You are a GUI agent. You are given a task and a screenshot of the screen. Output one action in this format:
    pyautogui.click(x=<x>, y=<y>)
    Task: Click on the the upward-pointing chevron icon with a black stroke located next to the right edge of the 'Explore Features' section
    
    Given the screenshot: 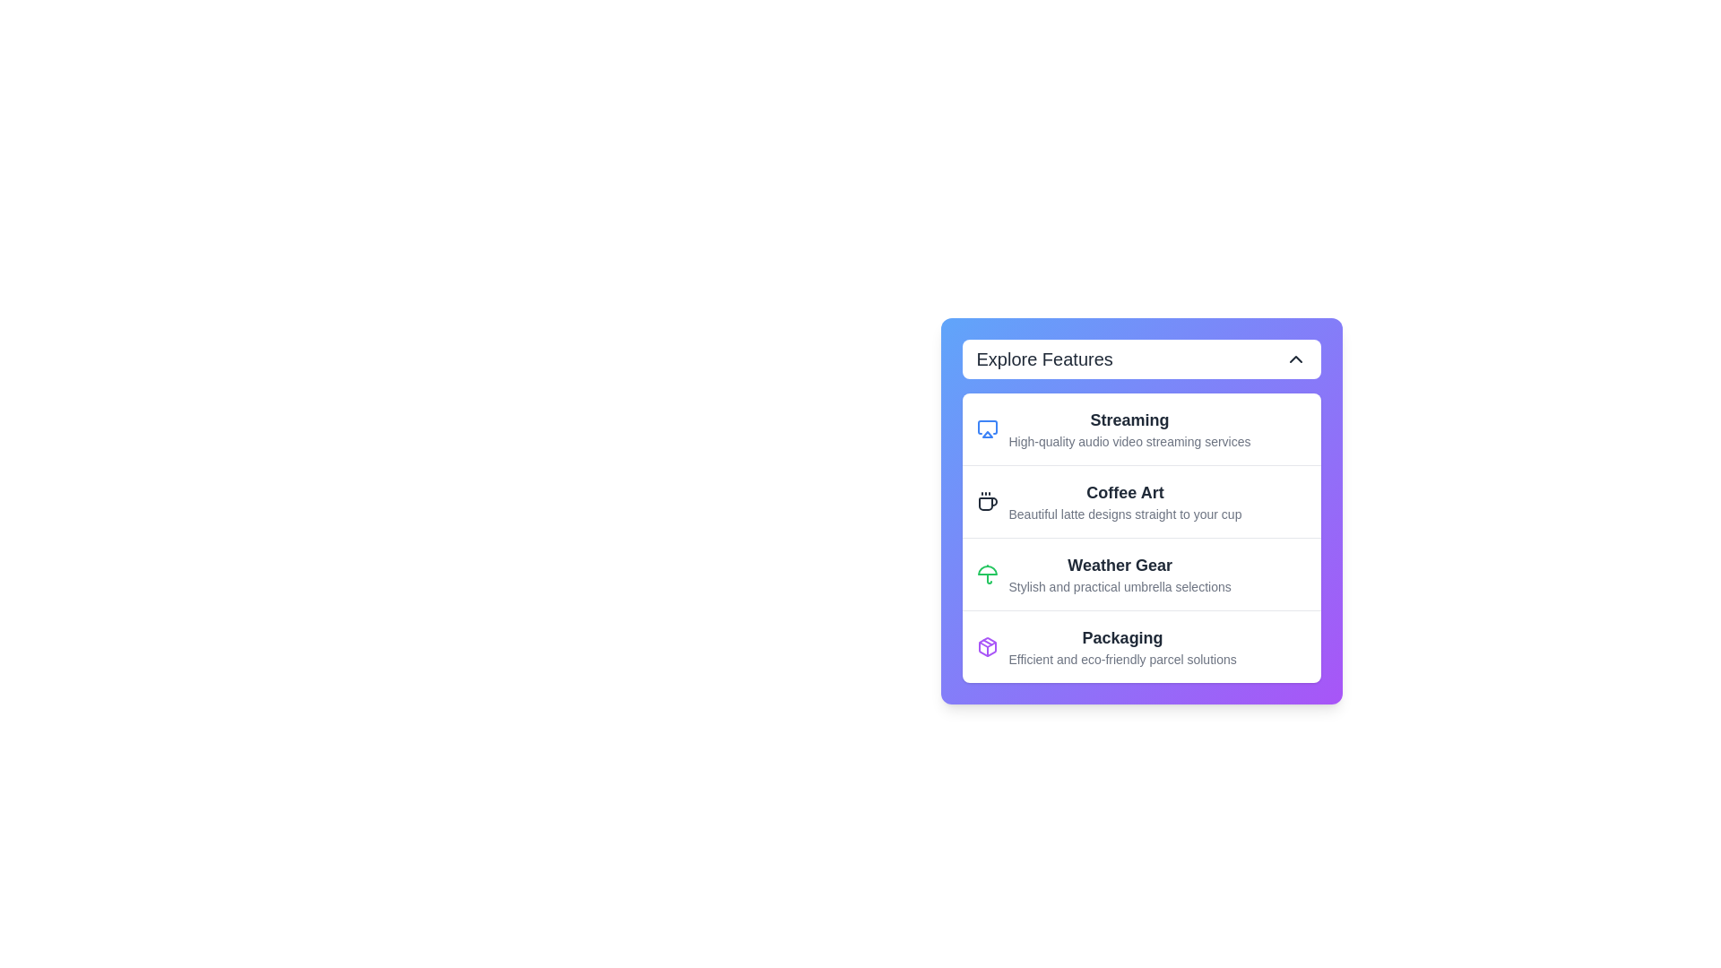 What is the action you would take?
    pyautogui.click(x=1295, y=359)
    